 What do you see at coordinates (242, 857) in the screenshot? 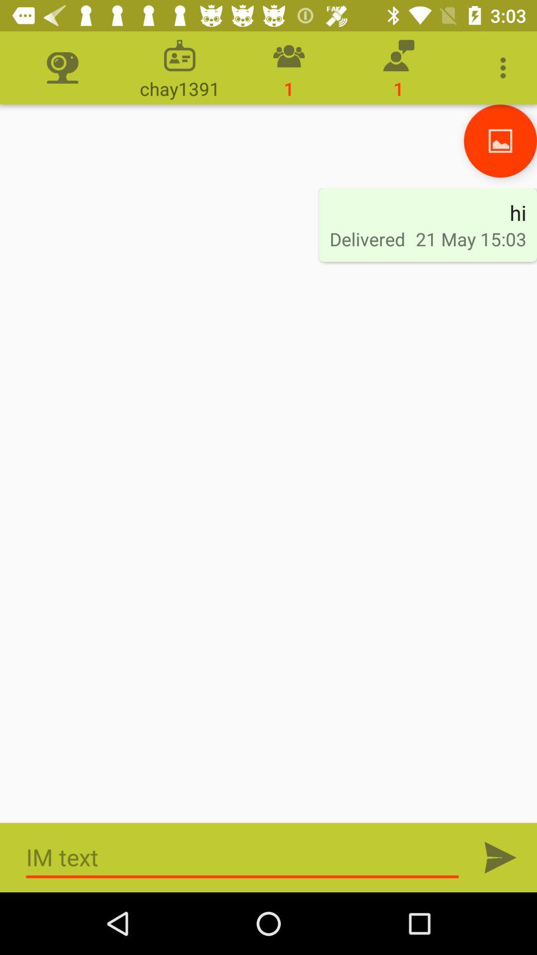
I see `fill in the answer and send` at bounding box center [242, 857].